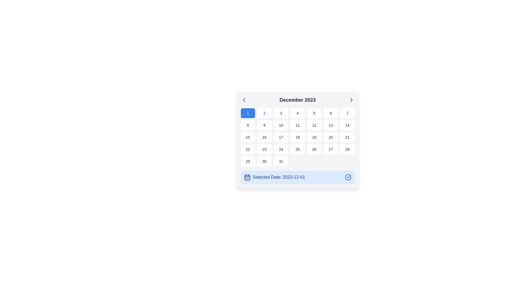  What do you see at coordinates (297, 113) in the screenshot?
I see `the button displaying the number '4' in the calendar grid` at bounding box center [297, 113].